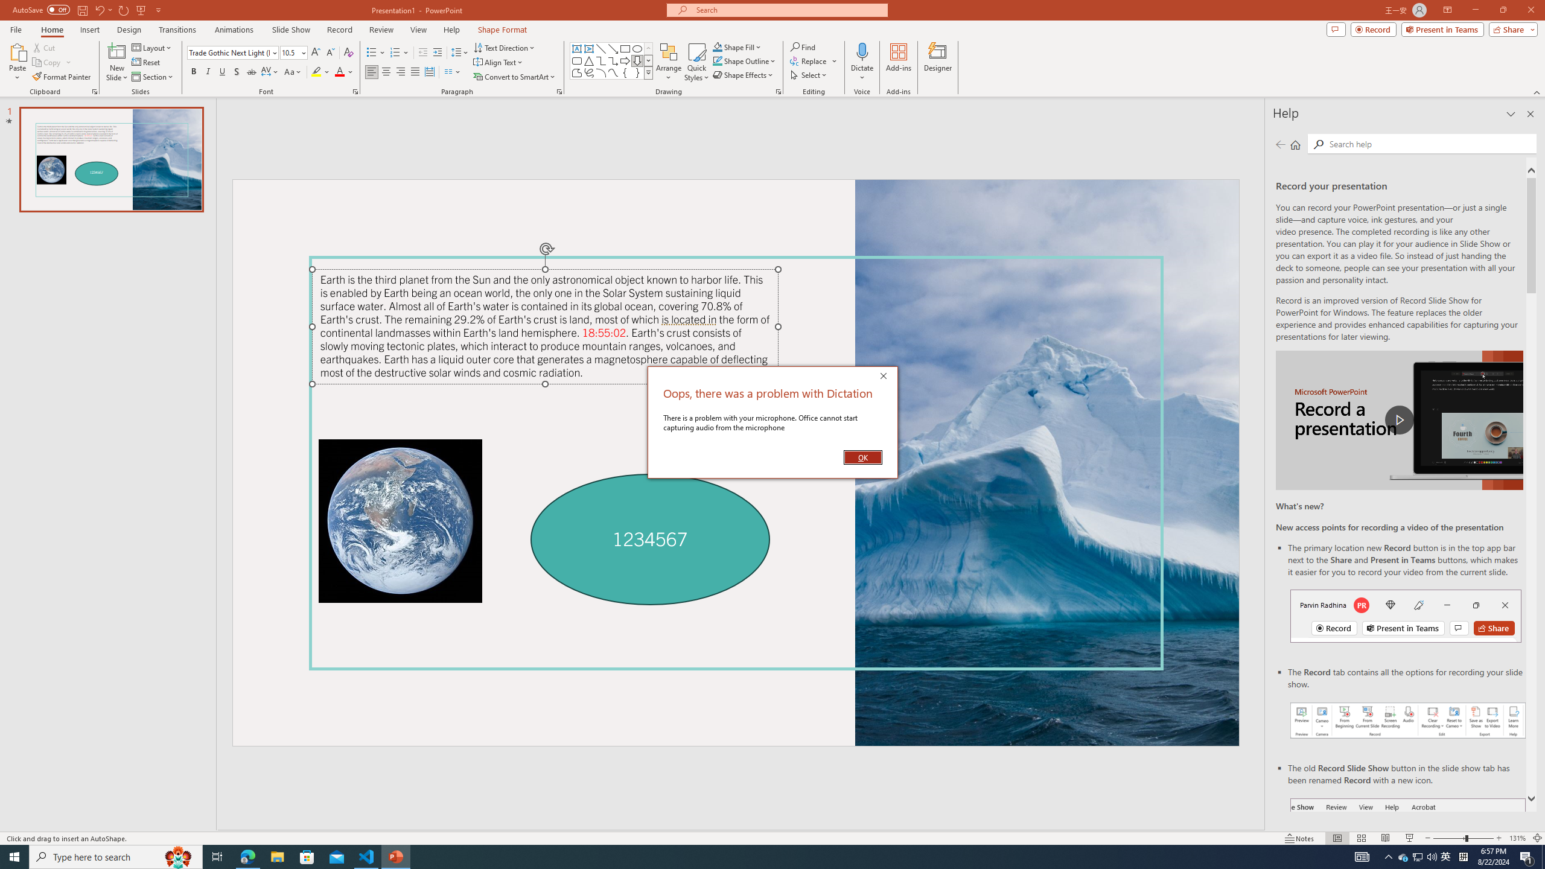  Describe the element at coordinates (718, 60) in the screenshot. I see `'Shape Outline Teal, Accent 1'` at that location.